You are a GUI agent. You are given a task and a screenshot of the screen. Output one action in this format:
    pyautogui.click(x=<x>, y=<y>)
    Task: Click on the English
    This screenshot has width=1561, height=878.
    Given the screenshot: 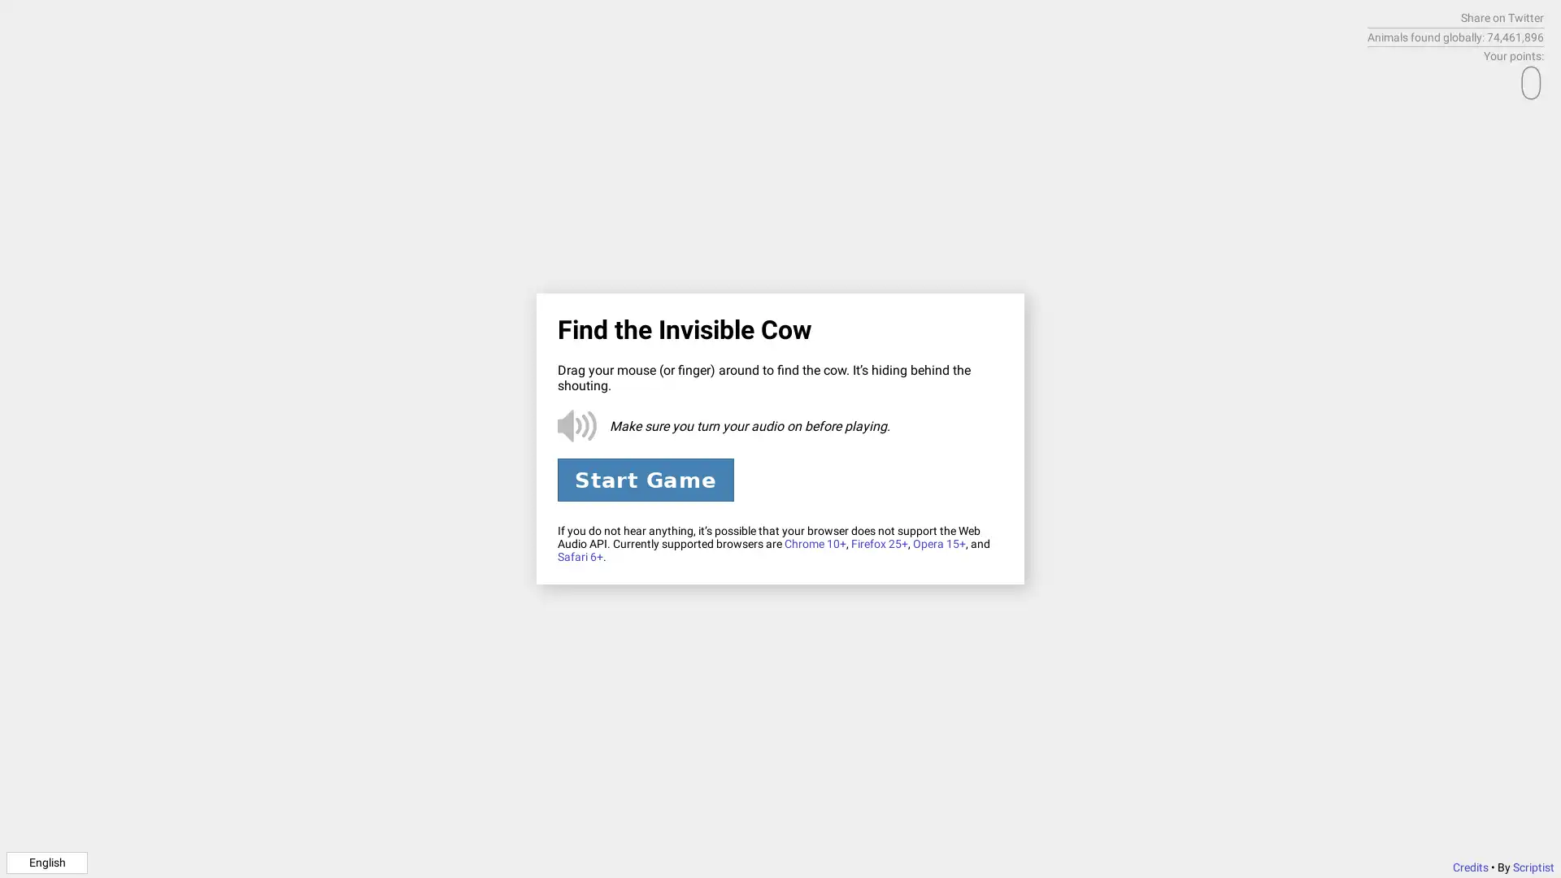 What is the action you would take?
    pyautogui.click(x=46, y=861)
    